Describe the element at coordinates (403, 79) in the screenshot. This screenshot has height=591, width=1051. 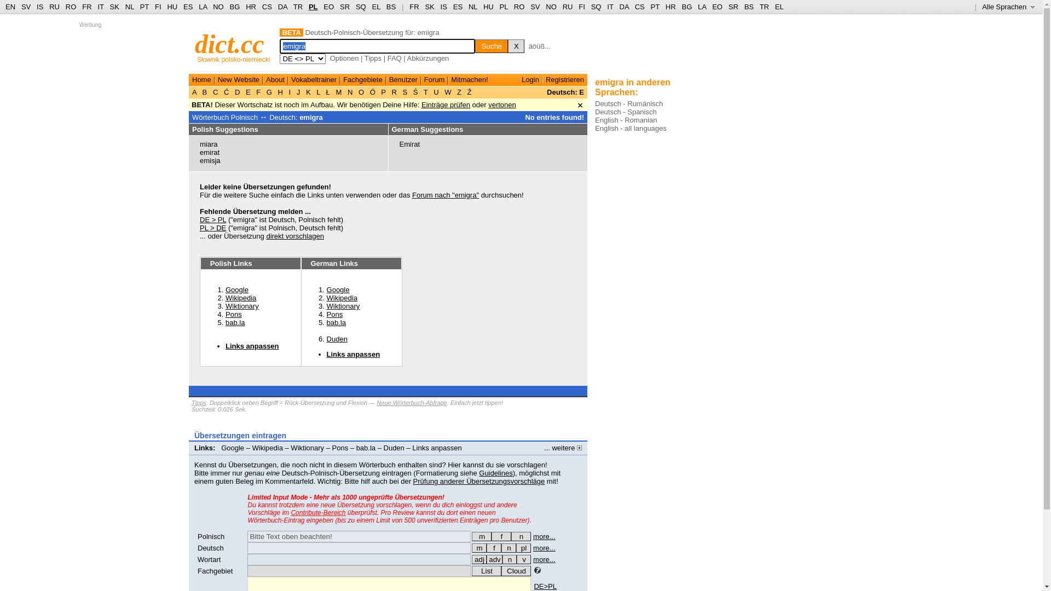
I see `'Benutzer'` at that location.